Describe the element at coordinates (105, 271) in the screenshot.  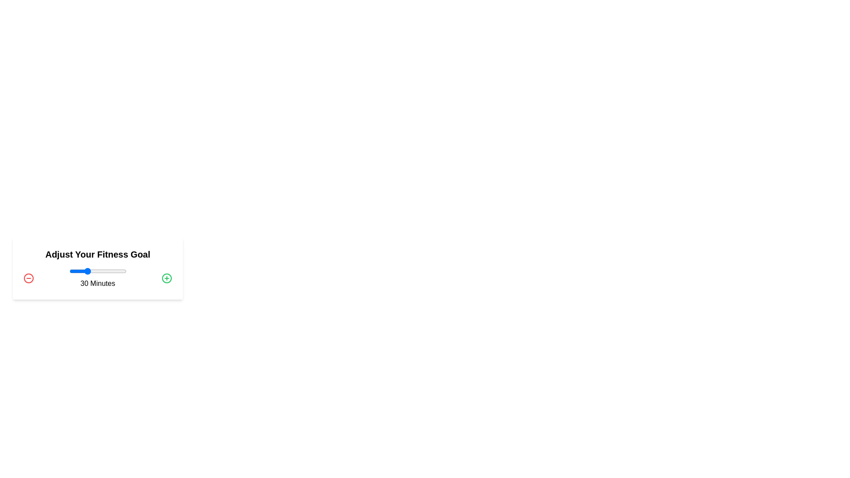
I see `fitness goal` at that location.